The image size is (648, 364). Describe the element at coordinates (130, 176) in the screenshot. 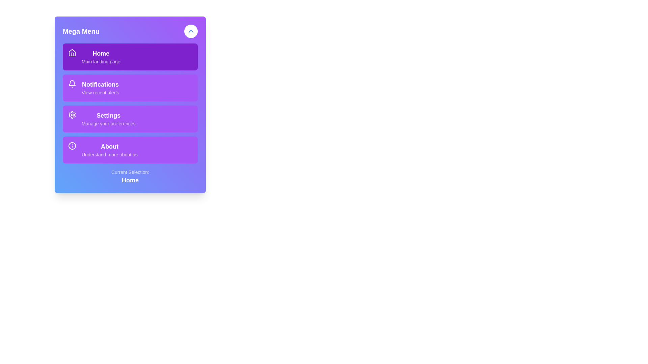

I see `displayed information from the text section labeled 'Current Selection: Home', which is located at the bottom of the vertically-stacked menu and is the last item in the menu structure` at that location.